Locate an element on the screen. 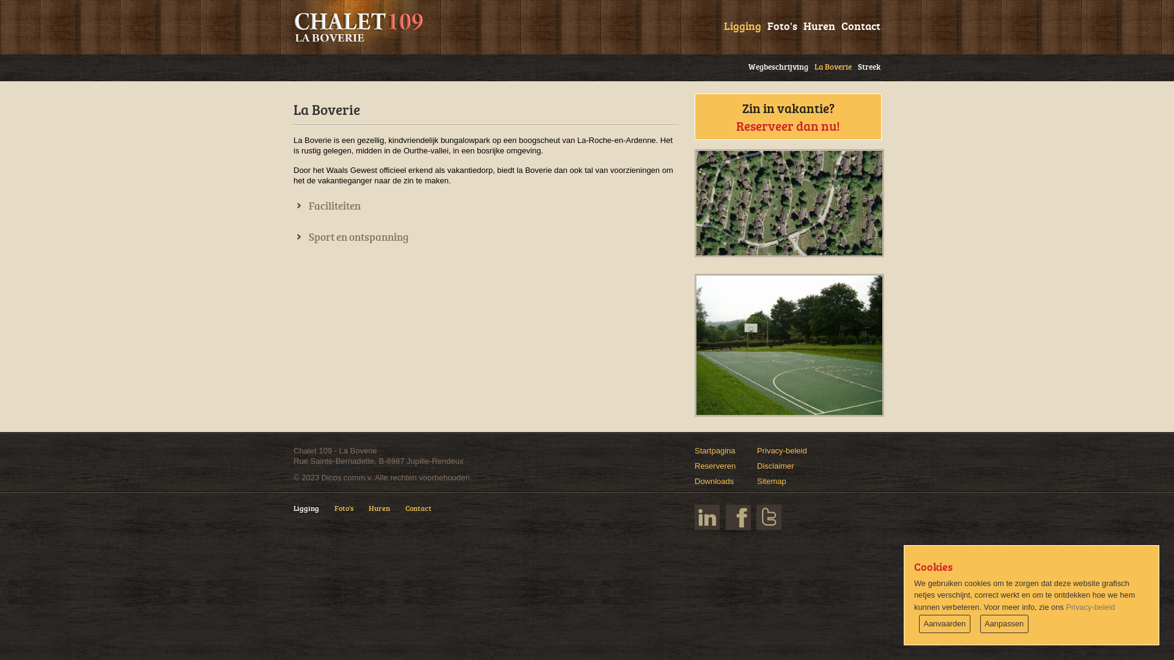  'Aanpassen' is located at coordinates (1004, 624).